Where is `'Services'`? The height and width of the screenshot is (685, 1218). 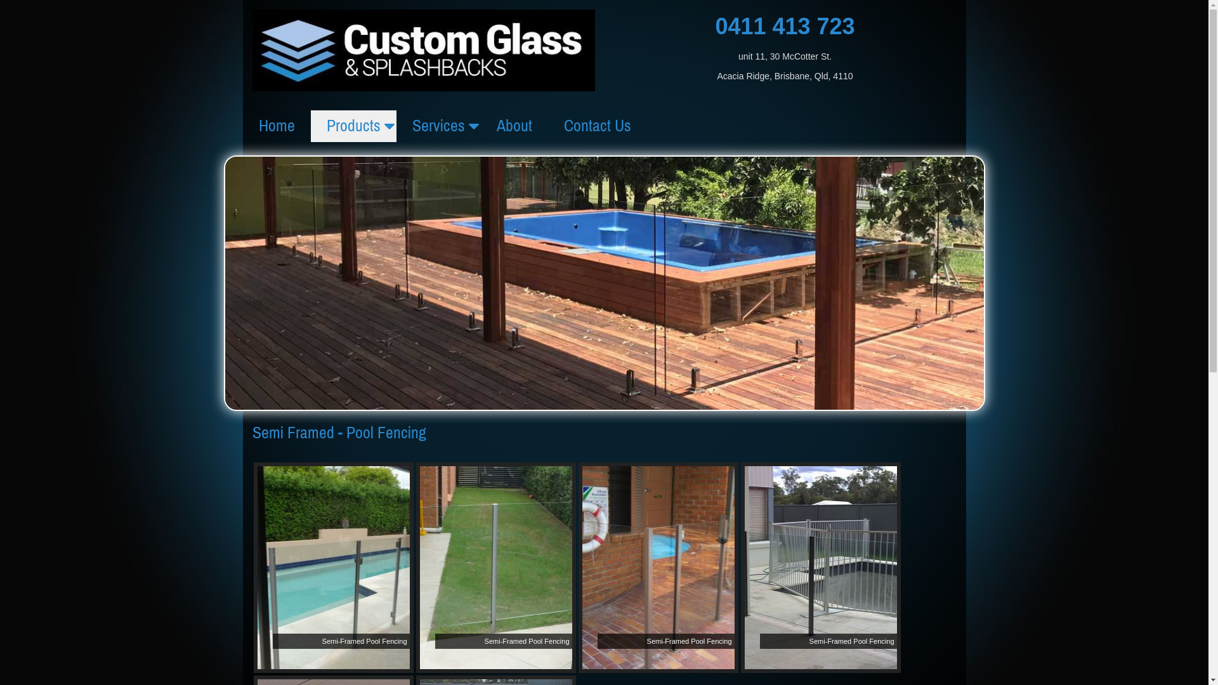
'Services' is located at coordinates (438, 126).